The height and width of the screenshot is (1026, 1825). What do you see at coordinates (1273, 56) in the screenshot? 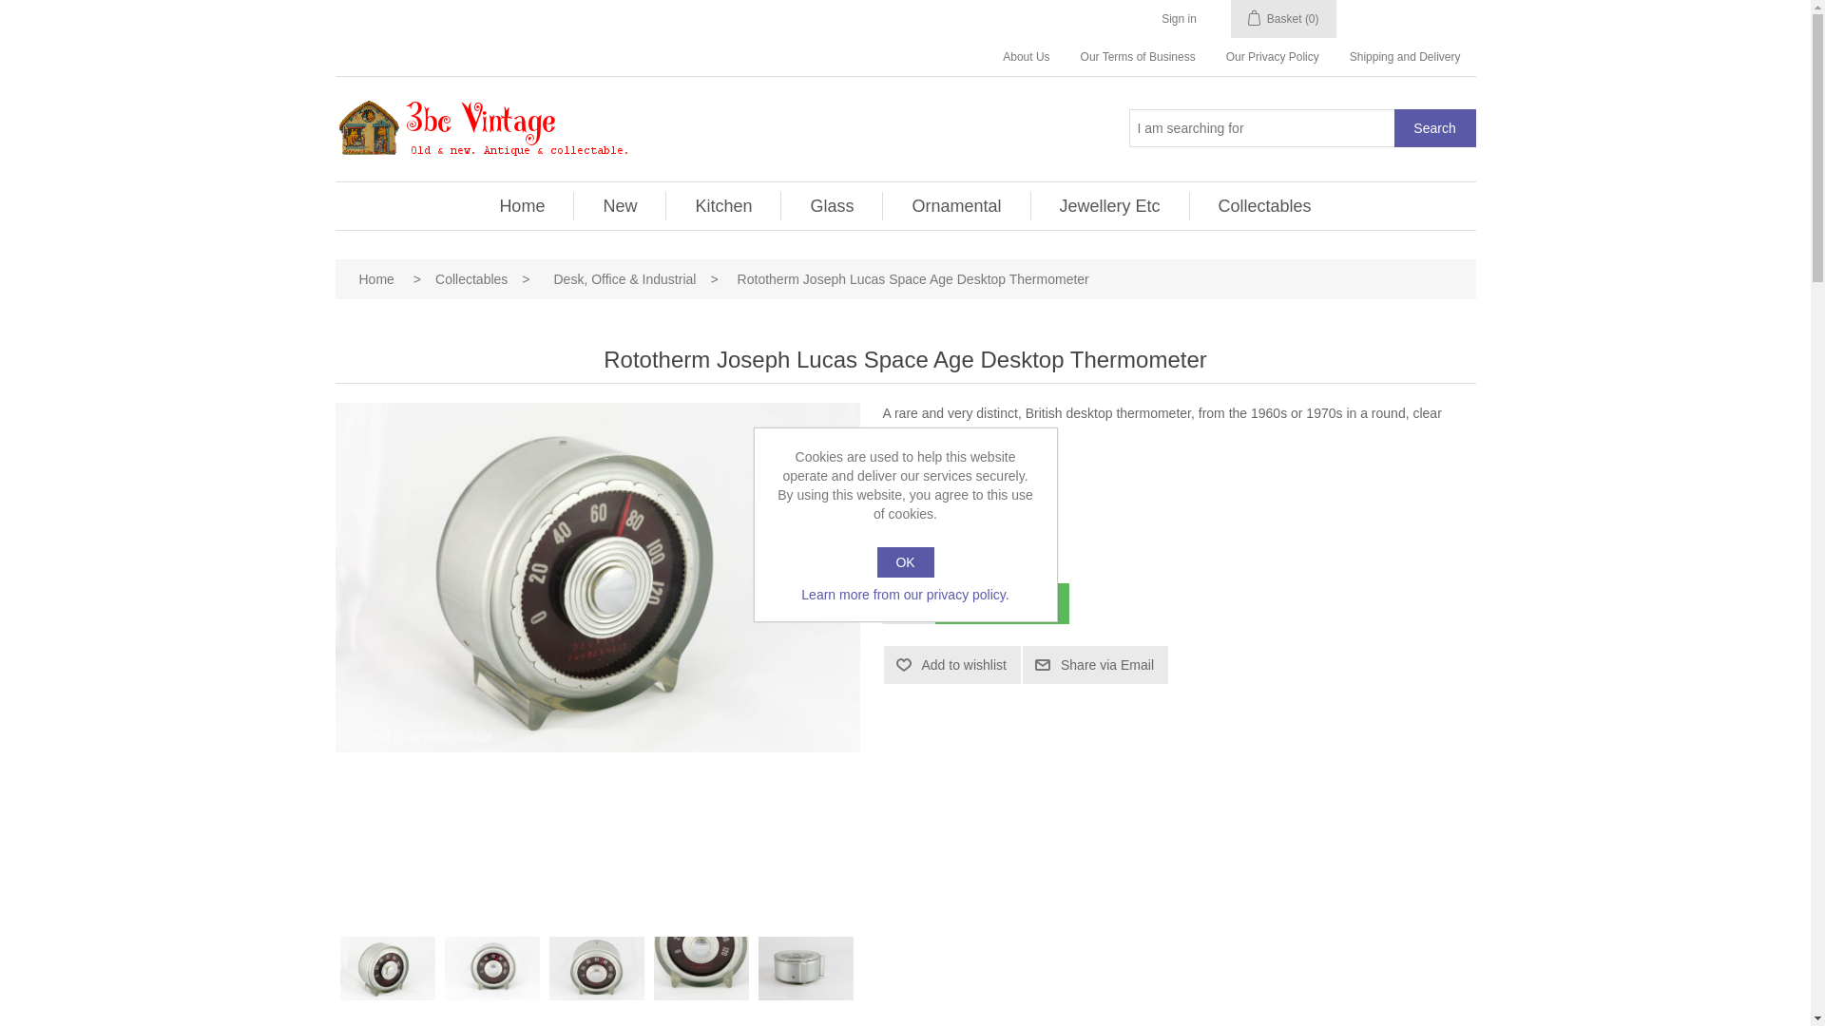
I see `'Our Privacy Policy'` at bounding box center [1273, 56].